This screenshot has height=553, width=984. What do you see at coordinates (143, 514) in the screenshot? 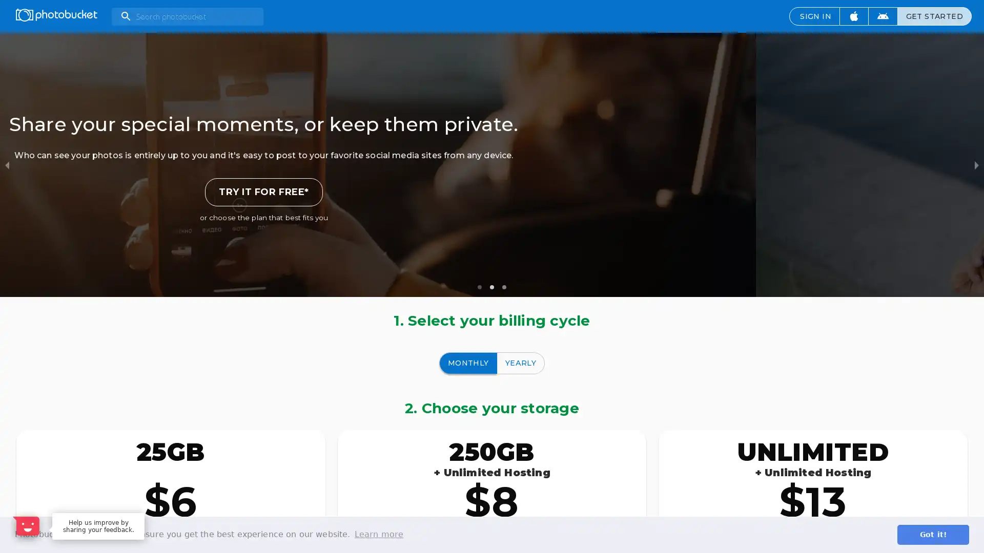
I see `Dismiss Message` at bounding box center [143, 514].